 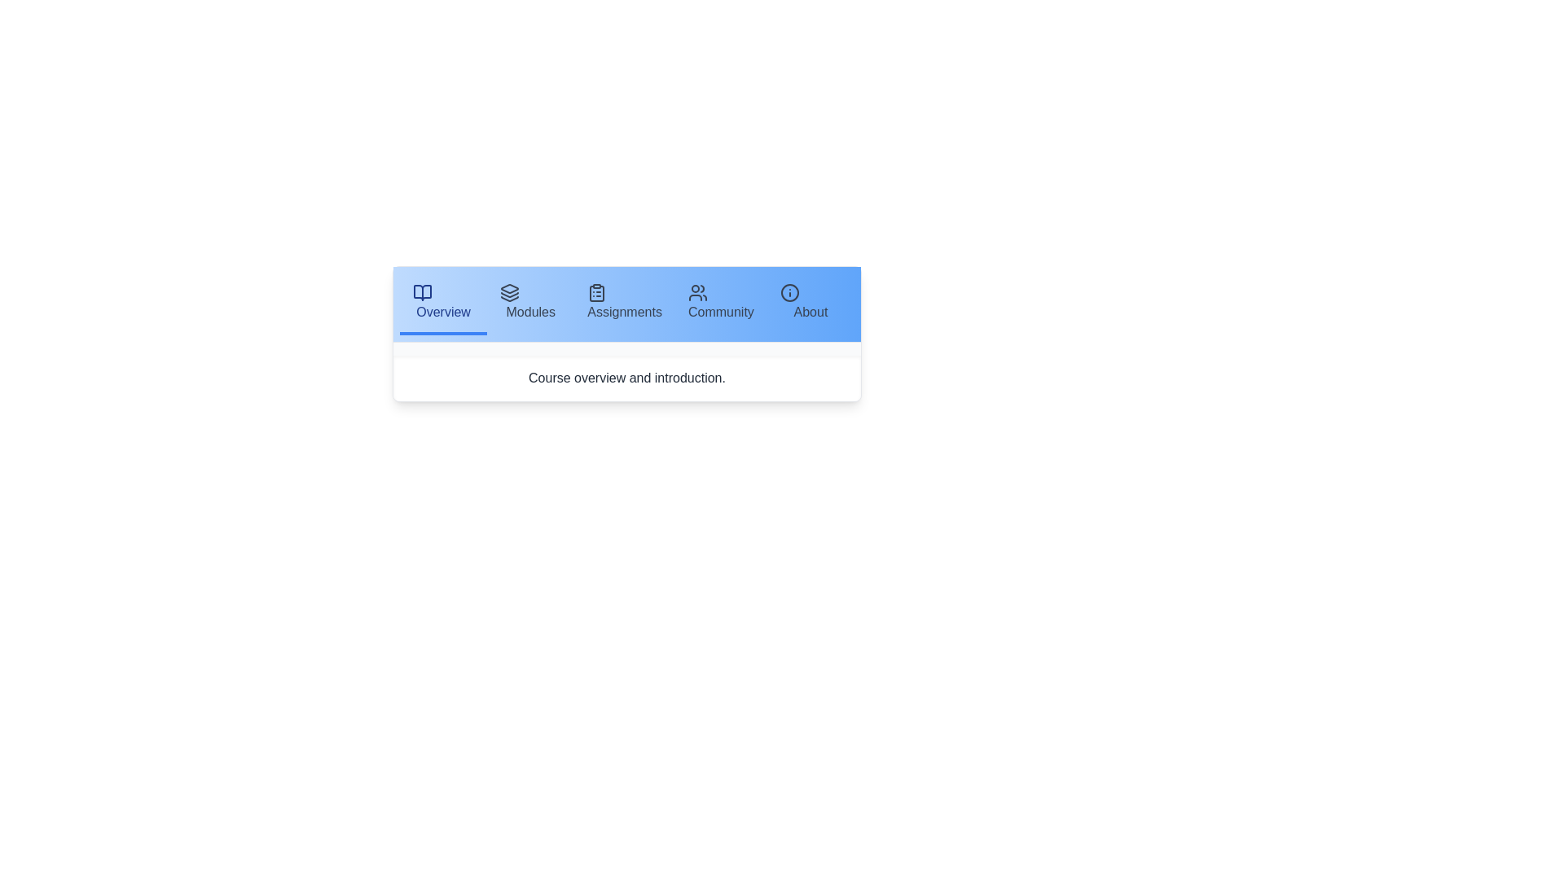 I want to click on the clipboard icon located above the 'Assignments' text in the navigation bar, so click(x=596, y=291).